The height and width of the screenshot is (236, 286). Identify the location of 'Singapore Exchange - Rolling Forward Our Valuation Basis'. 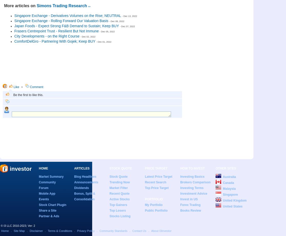
(14, 21).